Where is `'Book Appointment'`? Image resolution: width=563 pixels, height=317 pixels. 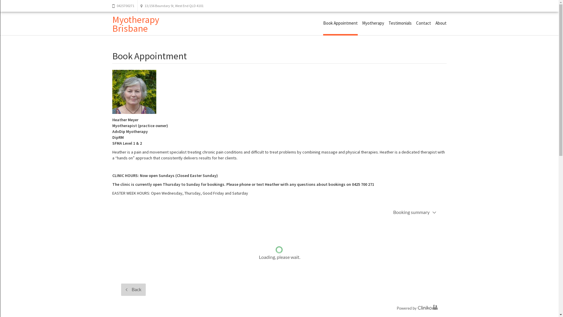 'Book Appointment' is located at coordinates (340, 23).